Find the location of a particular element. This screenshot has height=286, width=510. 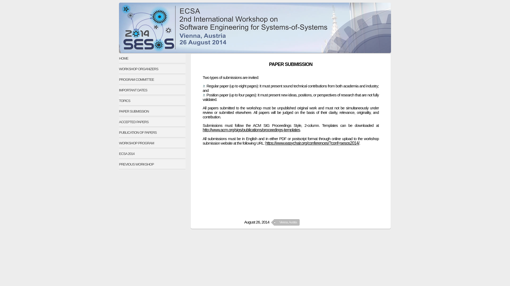

'PROGRAM COMMITTEE' is located at coordinates (152, 79).